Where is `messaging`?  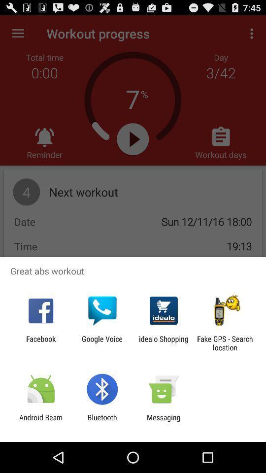 messaging is located at coordinates (164, 421).